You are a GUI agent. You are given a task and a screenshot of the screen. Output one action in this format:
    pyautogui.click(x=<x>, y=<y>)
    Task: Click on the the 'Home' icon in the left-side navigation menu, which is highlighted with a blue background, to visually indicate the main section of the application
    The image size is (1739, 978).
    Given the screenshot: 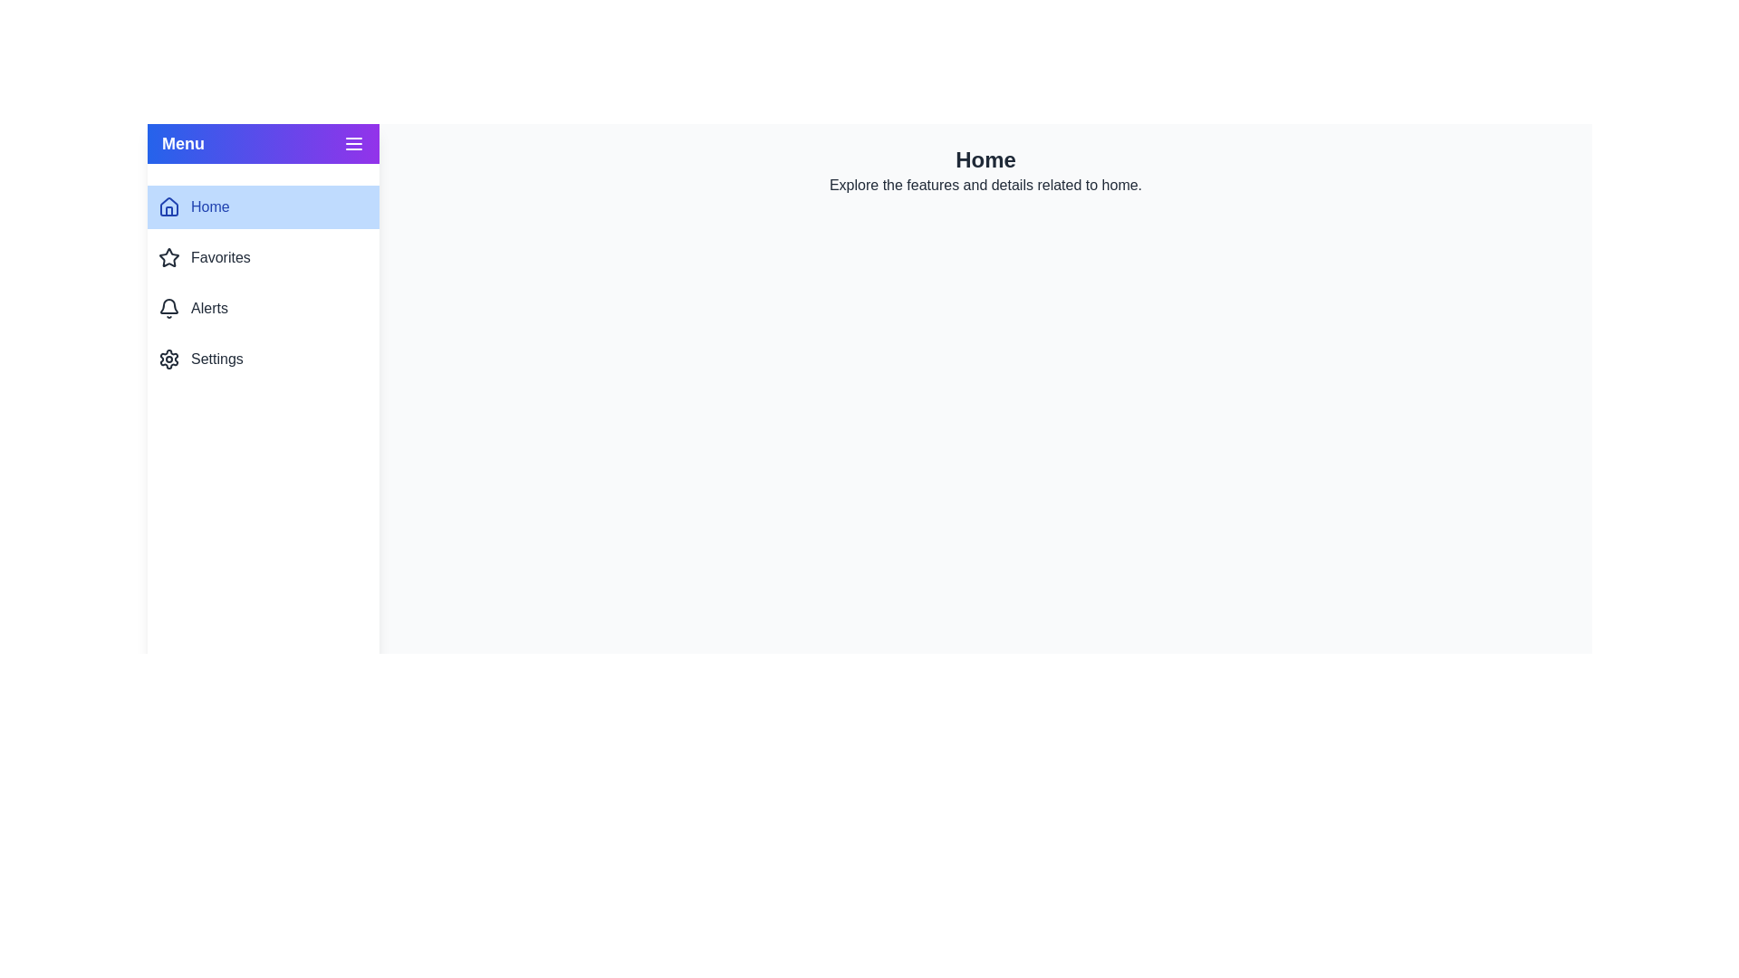 What is the action you would take?
    pyautogui.click(x=169, y=205)
    